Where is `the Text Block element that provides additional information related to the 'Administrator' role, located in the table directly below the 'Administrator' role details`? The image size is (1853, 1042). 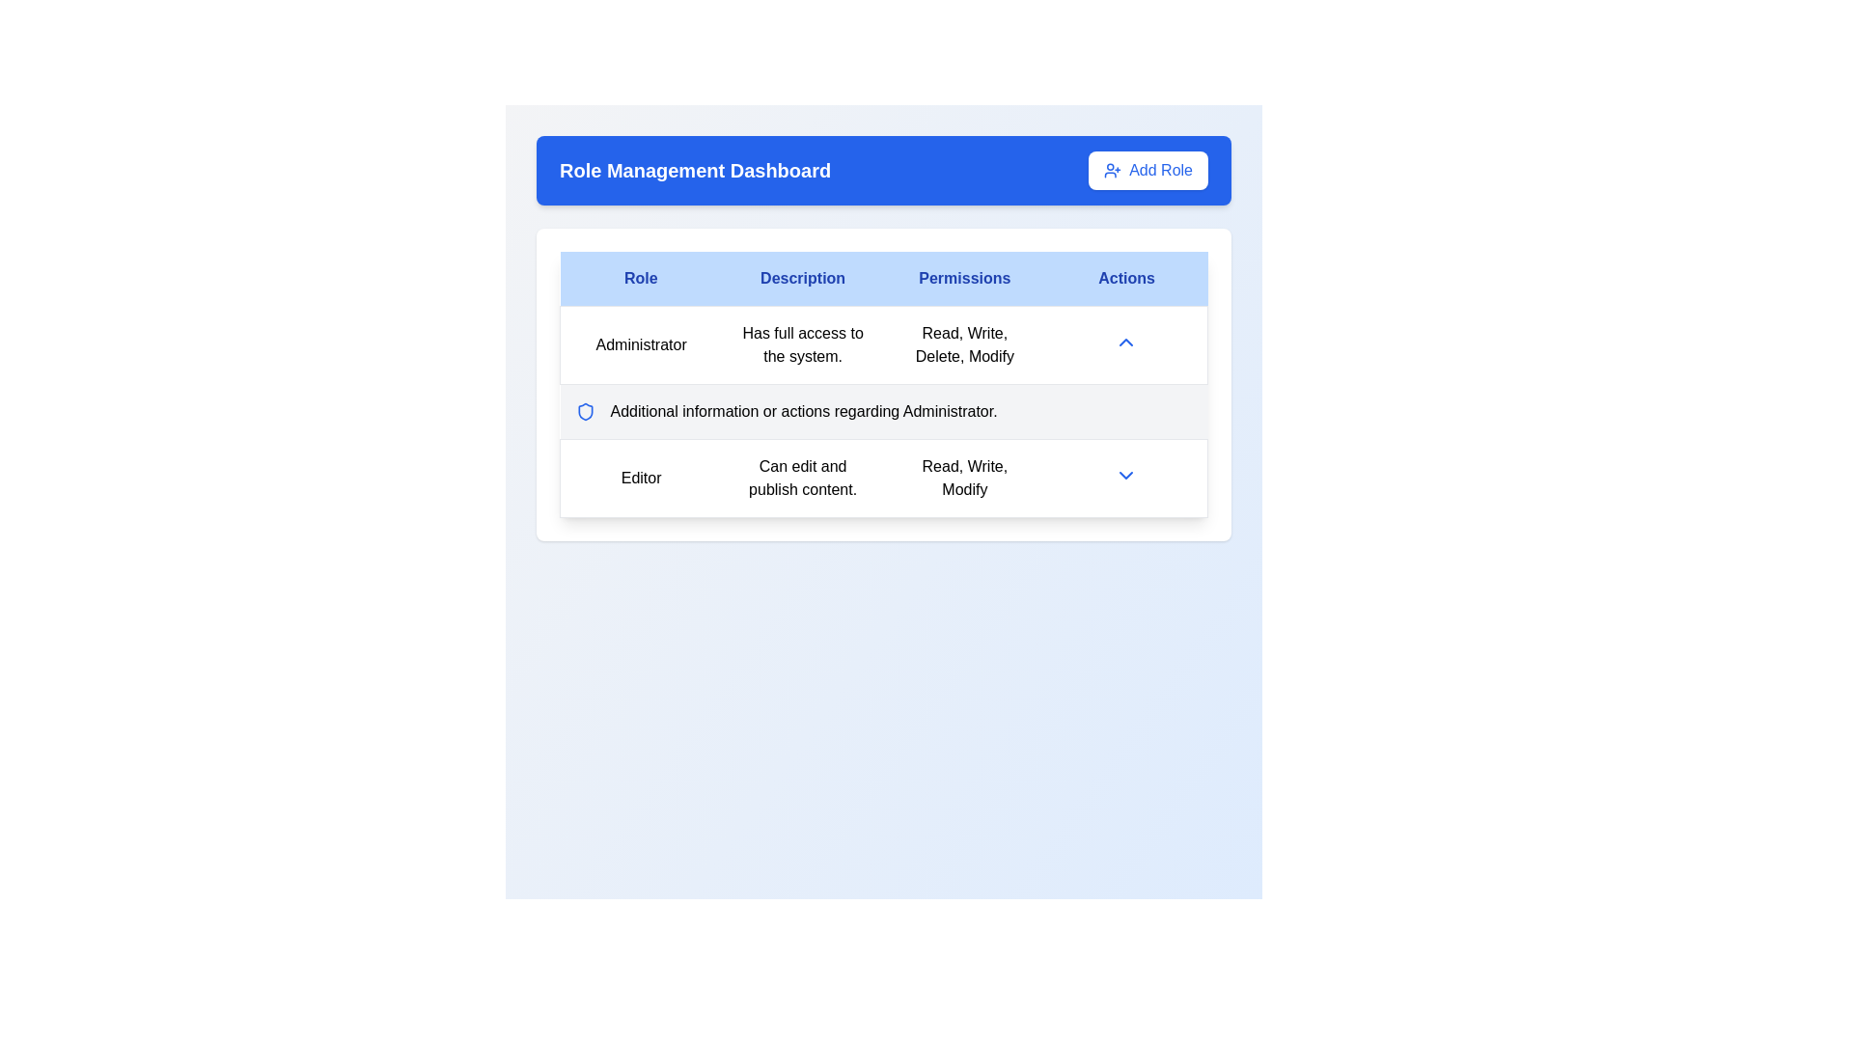
the Text Block element that provides additional information related to the 'Administrator' role, located in the table directly below the 'Administrator' role details is located at coordinates (883, 411).